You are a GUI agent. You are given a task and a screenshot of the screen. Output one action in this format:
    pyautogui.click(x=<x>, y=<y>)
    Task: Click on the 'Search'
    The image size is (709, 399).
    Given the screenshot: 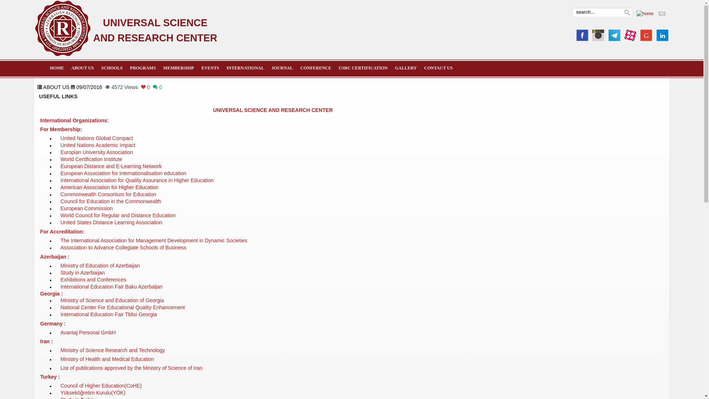 What is the action you would take?
    pyautogui.click(x=627, y=13)
    